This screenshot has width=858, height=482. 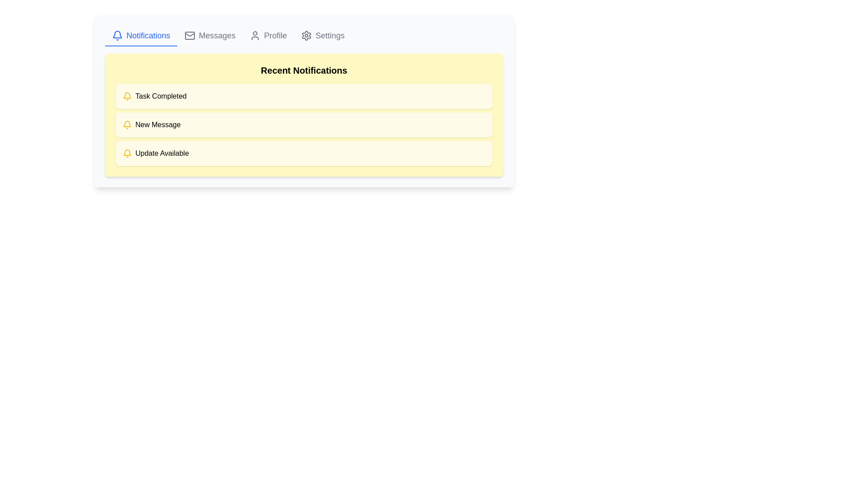 What do you see at coordinates (126, 153) in the screenshot?
I see `the yellow bell icon located within the 'Update Available' notification block for context` at bounding box center [126, 153].